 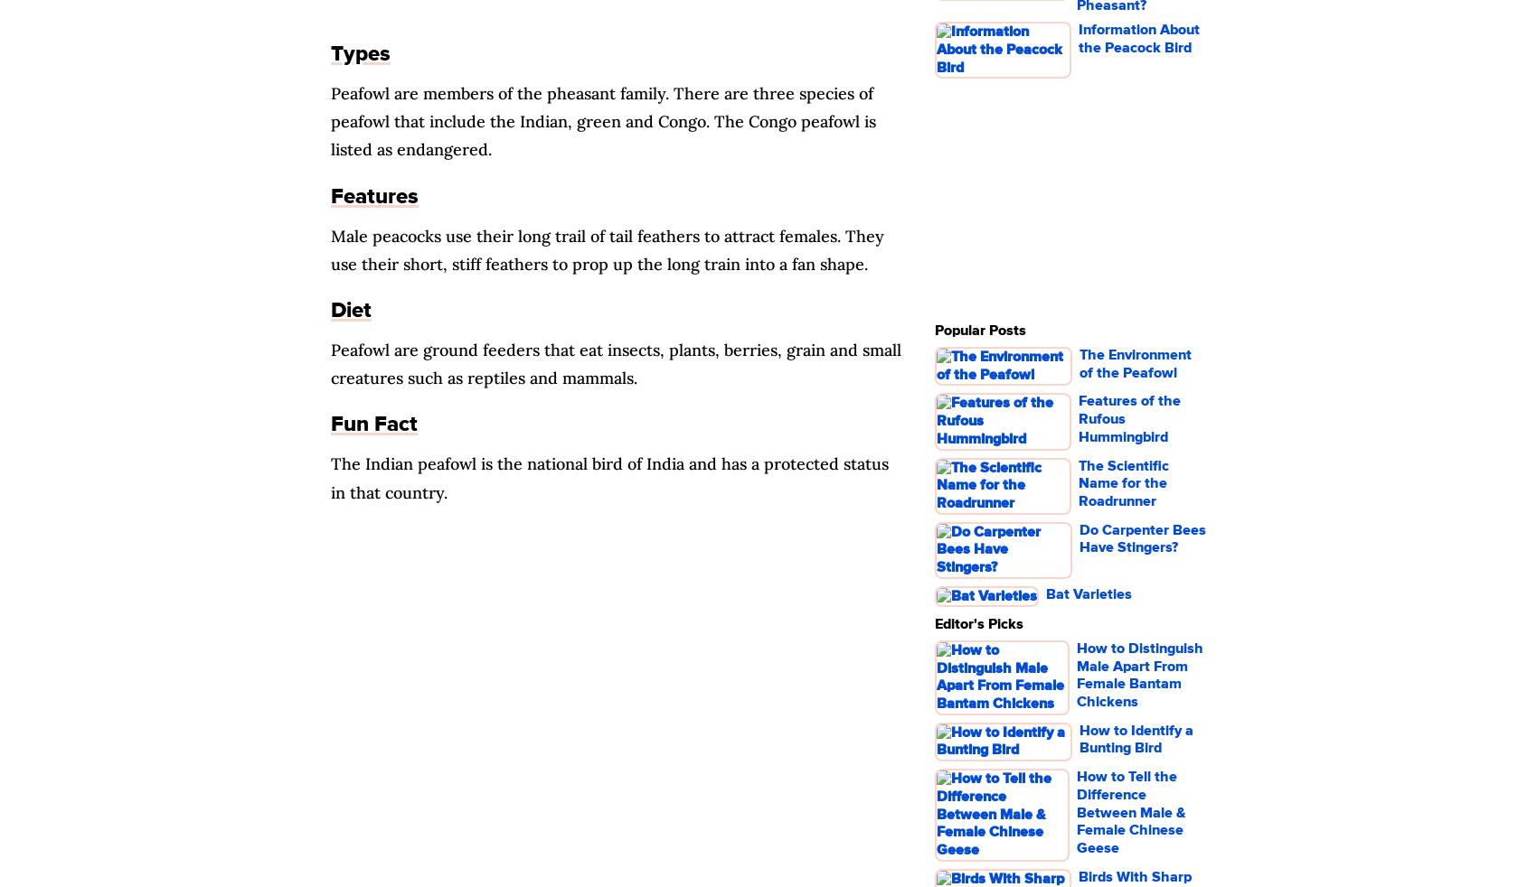 I want to click on 'How to Distinguish Male Apart From Female Bantam Chickens', so click(x=1139, y=675).